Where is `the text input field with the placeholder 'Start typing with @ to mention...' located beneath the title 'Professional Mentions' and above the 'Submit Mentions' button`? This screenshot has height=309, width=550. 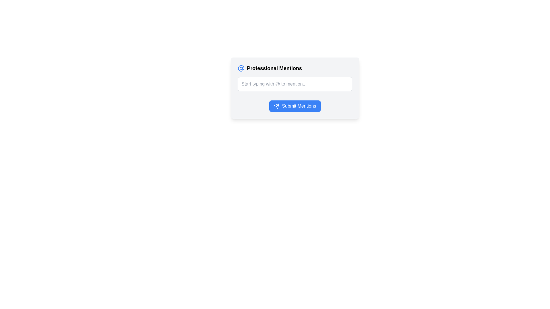
the text input field with the placeholder 'Start typing with @ to mention...' located beneath the title 'Professional Mentions' and above the 'Submit Mentions' button is located at coordinates (295, 84).